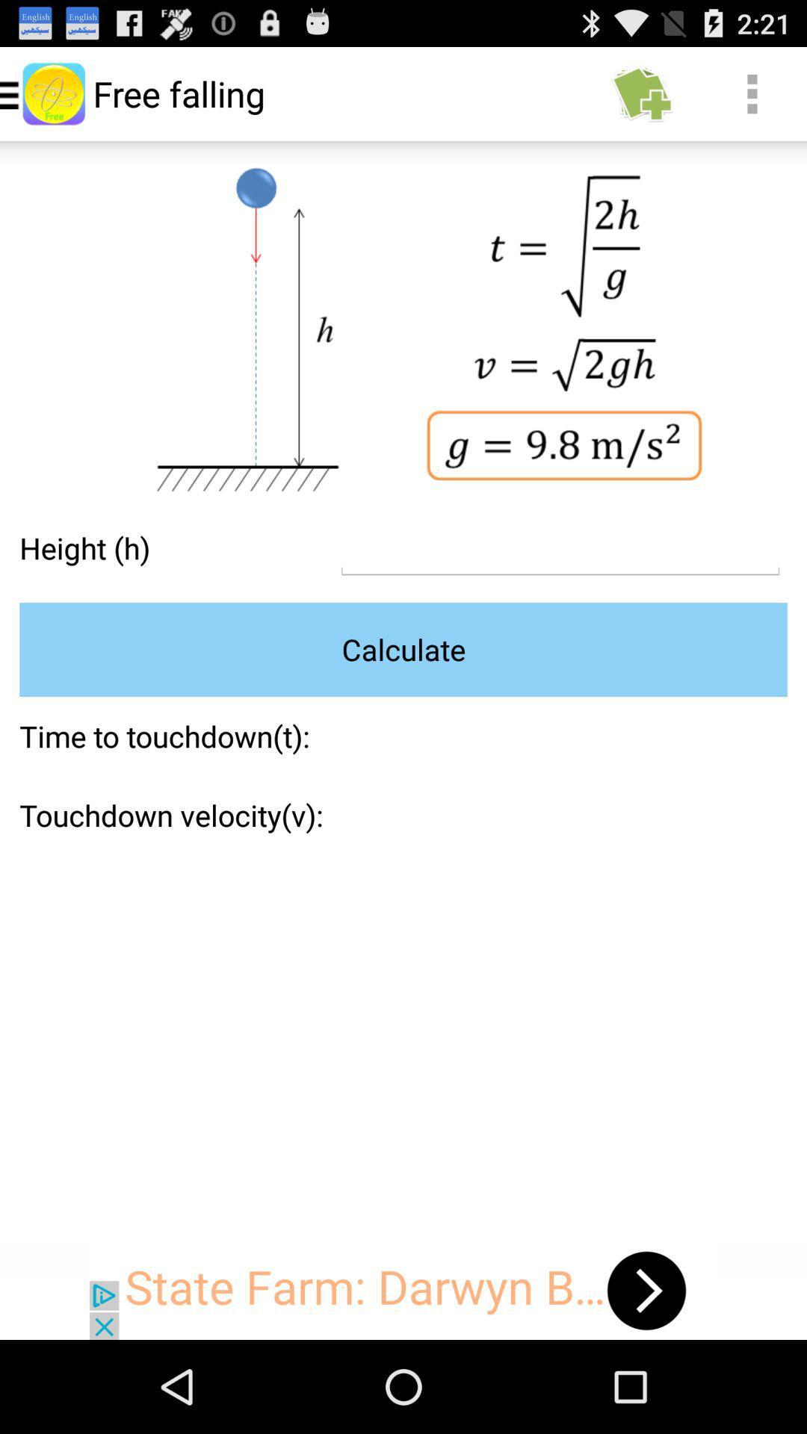 The image size is (807, 1434). Describe the element at coordinates (403, 1290) in the screenshot. I see `advertisement` at that location.